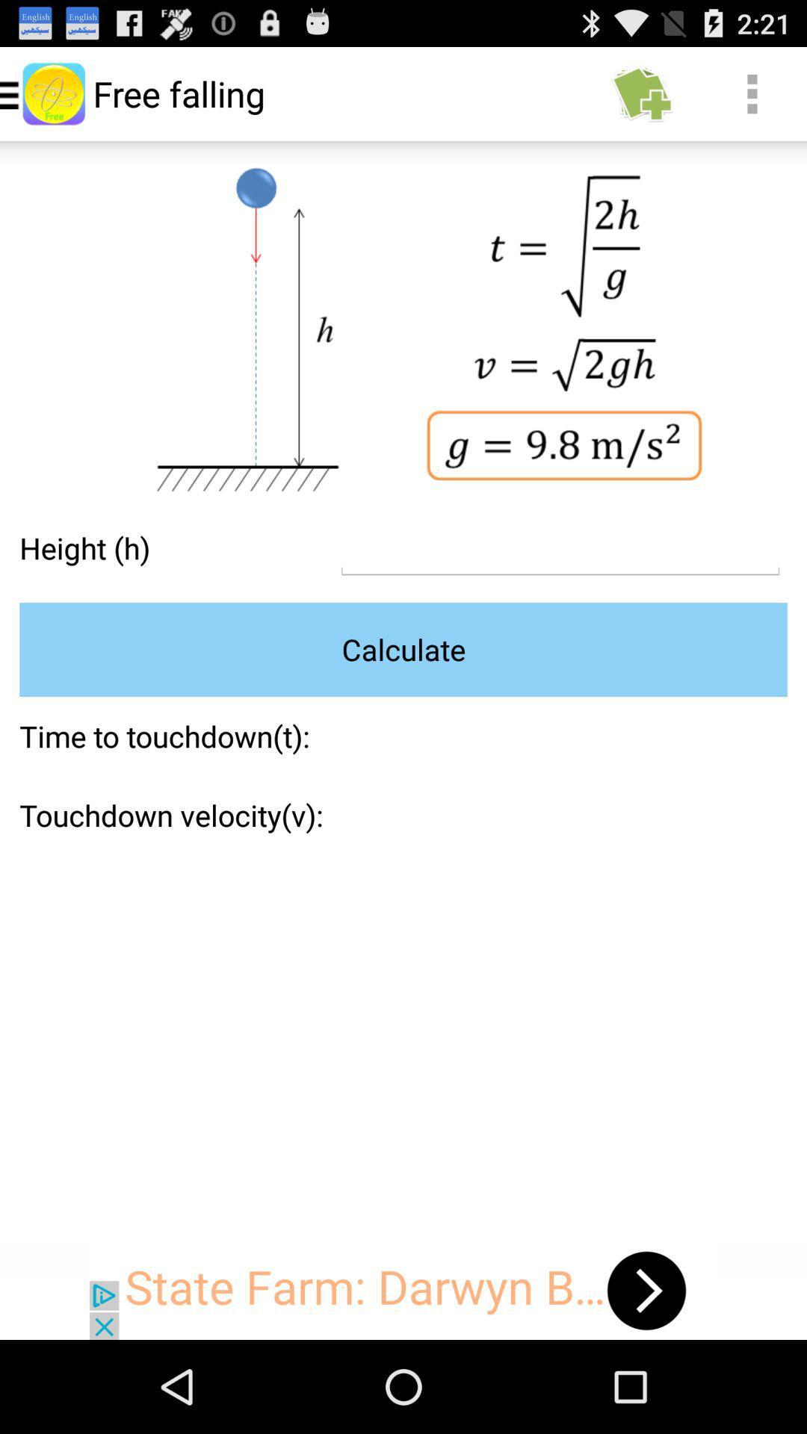 The image size is (807, 1434). Describe the element at coordinates (403, 1290) in the screenshot. I see `advertisement` at that location.